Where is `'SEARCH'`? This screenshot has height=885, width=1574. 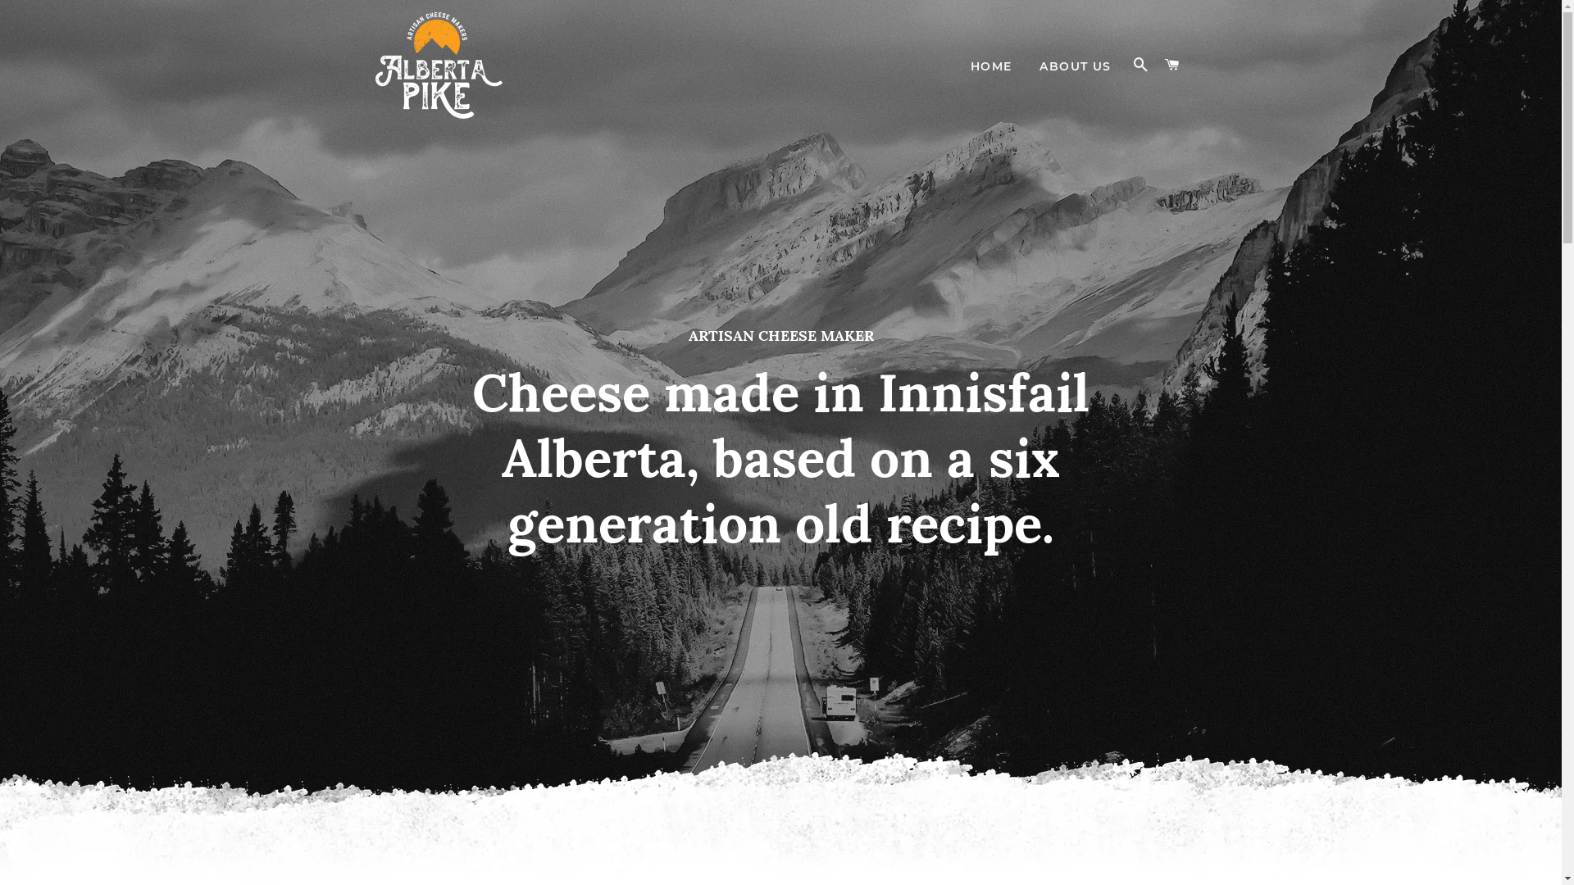 'SEARCH' is located at coordinates (1140, 65).